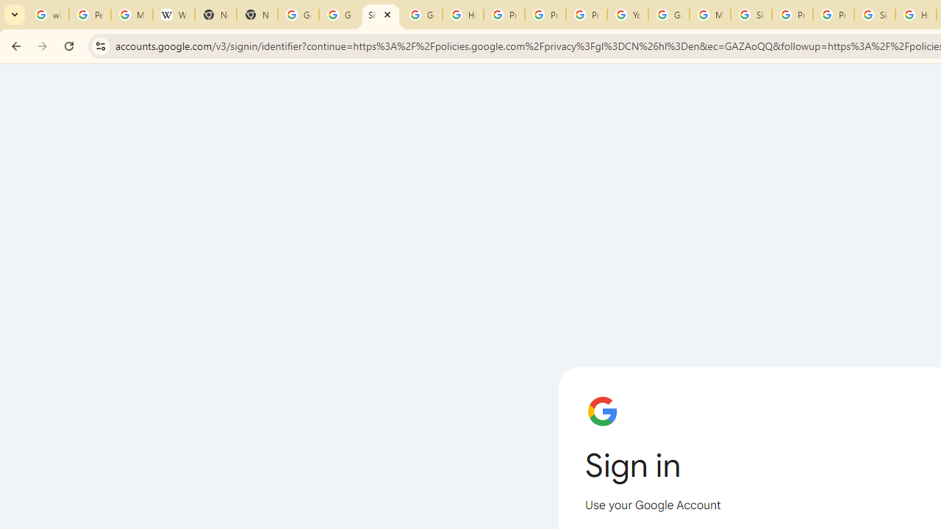  I want to click on 'Wikipedia:Edit requests - Wikipedia', so click(173, 15).